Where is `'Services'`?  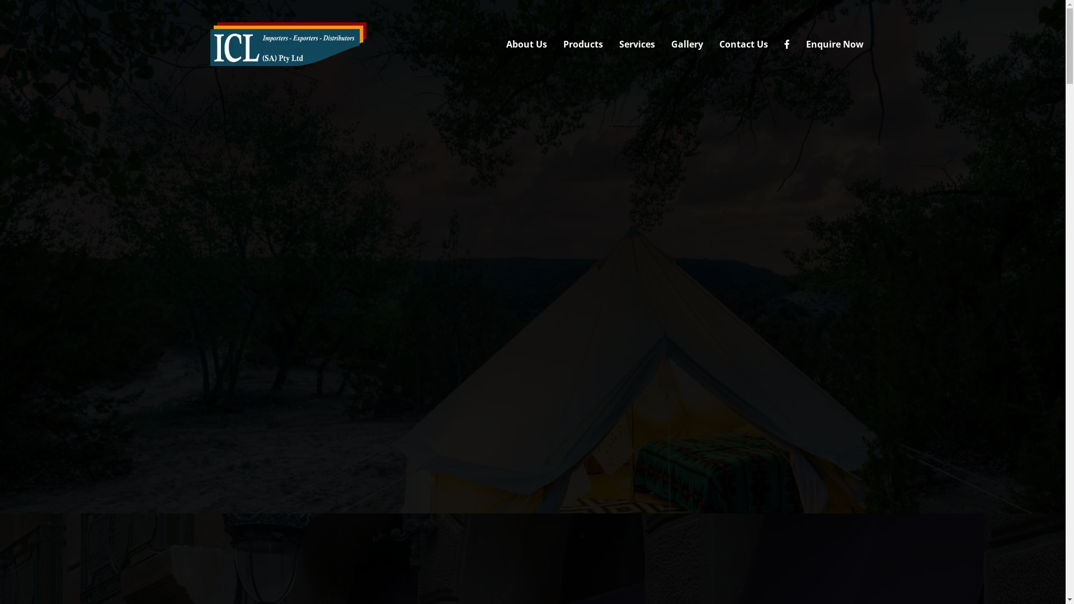 'Services' is located at coordinates (636, 43).